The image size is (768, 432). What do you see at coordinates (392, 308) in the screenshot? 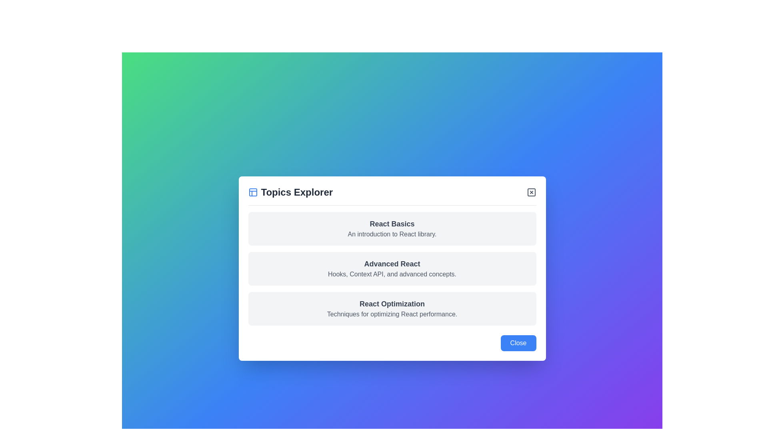
I see `the third entry in the list that navigates to additional details about 'React Optimization', located at the bottom of the vertical list in the centered modal` at bounding box center [392, 308].